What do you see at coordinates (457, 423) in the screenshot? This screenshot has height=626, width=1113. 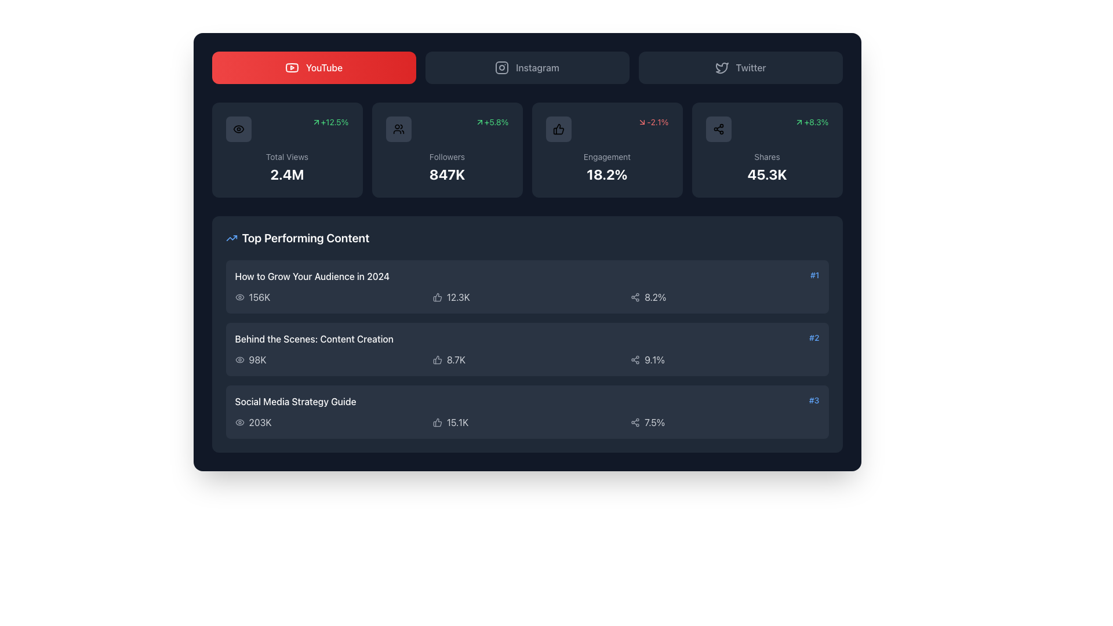 I see `value displayed in the Text label that indicates the count of reactions or interactions related to the associated content in the 'Top Performing Content' section, specifically under the 'Social Media Strategy Guide' entry` at bounding box center [457, 423].